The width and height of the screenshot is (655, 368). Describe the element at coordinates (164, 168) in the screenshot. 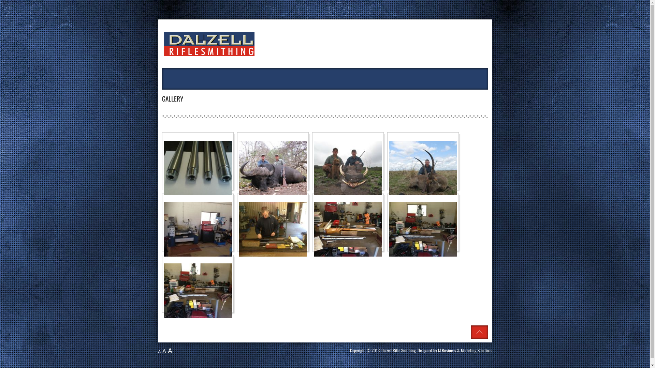

I see `'Click to enlarge image Barrel pic.jpg'` at that location.